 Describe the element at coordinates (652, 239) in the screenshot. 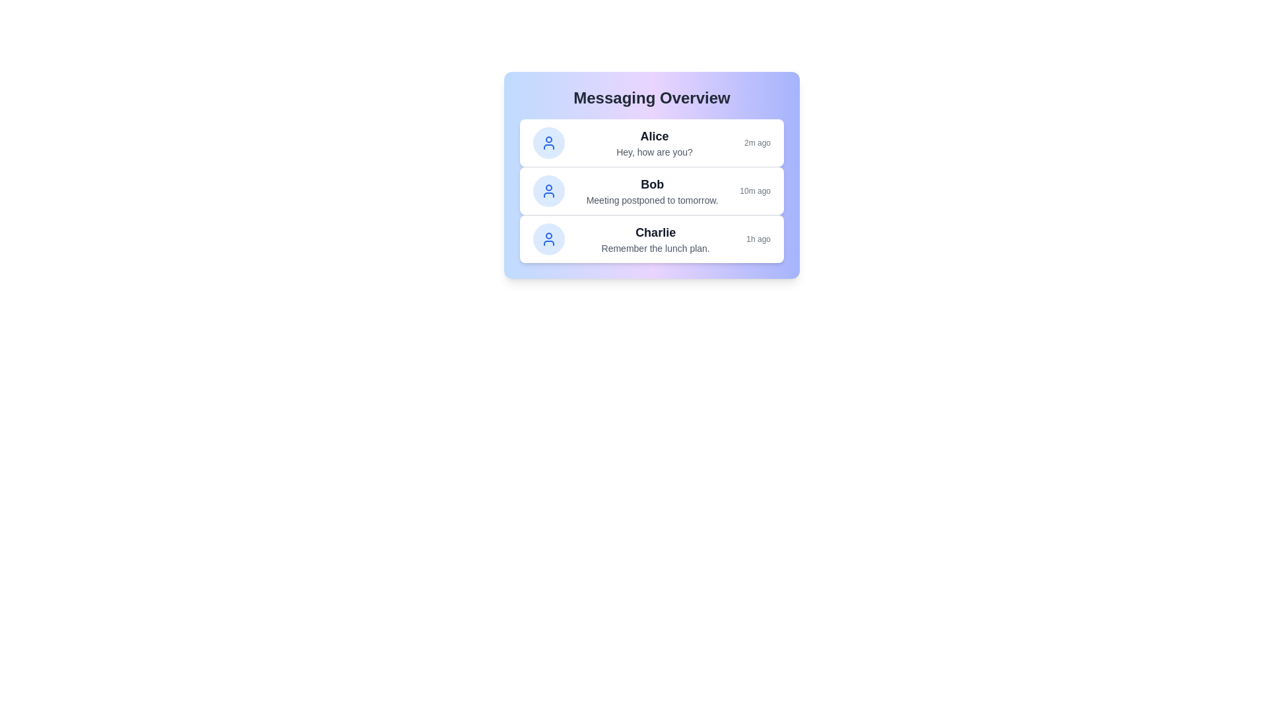

I see `the message from Charlie to view details` at that location.